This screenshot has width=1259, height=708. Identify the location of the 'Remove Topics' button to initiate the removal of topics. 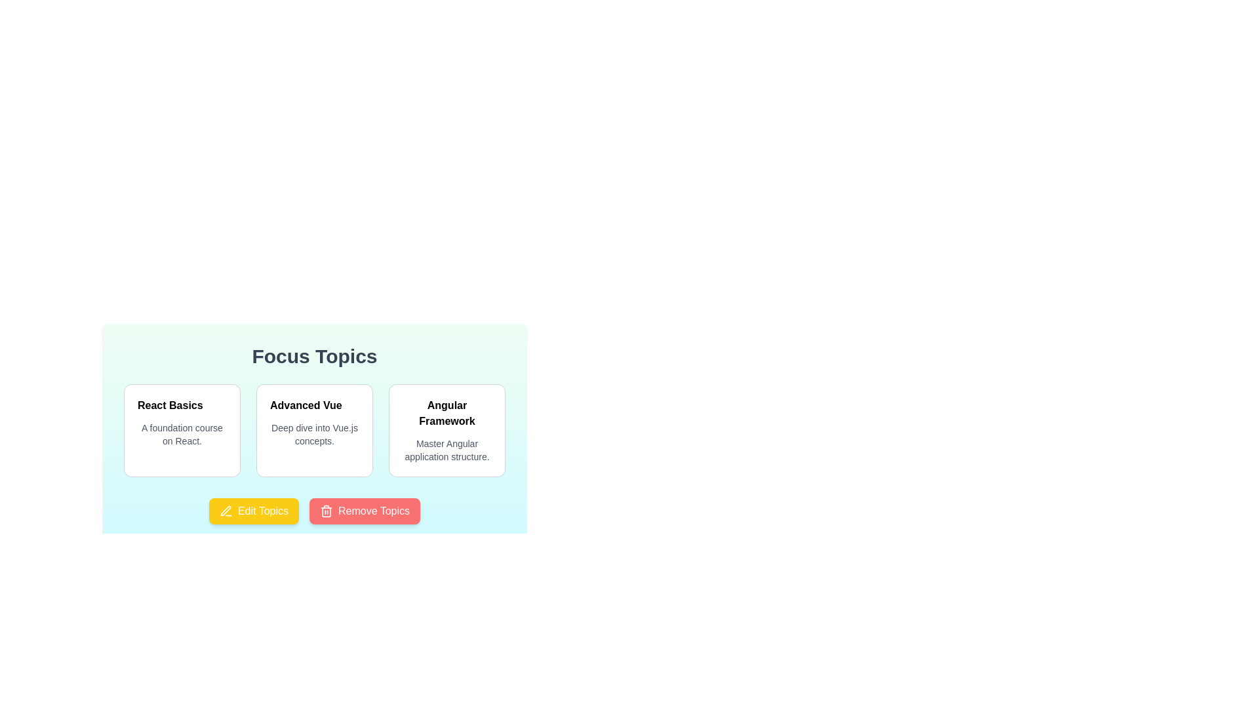
(365, 510).